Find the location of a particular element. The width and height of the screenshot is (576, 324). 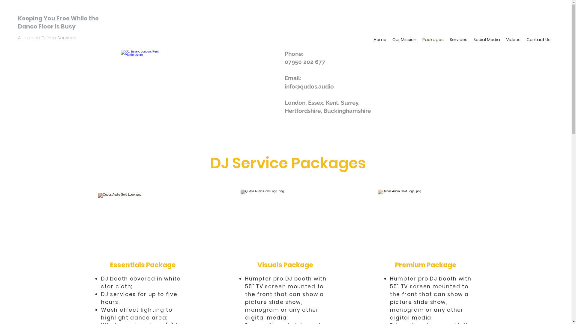

'Keeping You Free While the Dance Floor Is Busy' is located at coordinates (58, 22).